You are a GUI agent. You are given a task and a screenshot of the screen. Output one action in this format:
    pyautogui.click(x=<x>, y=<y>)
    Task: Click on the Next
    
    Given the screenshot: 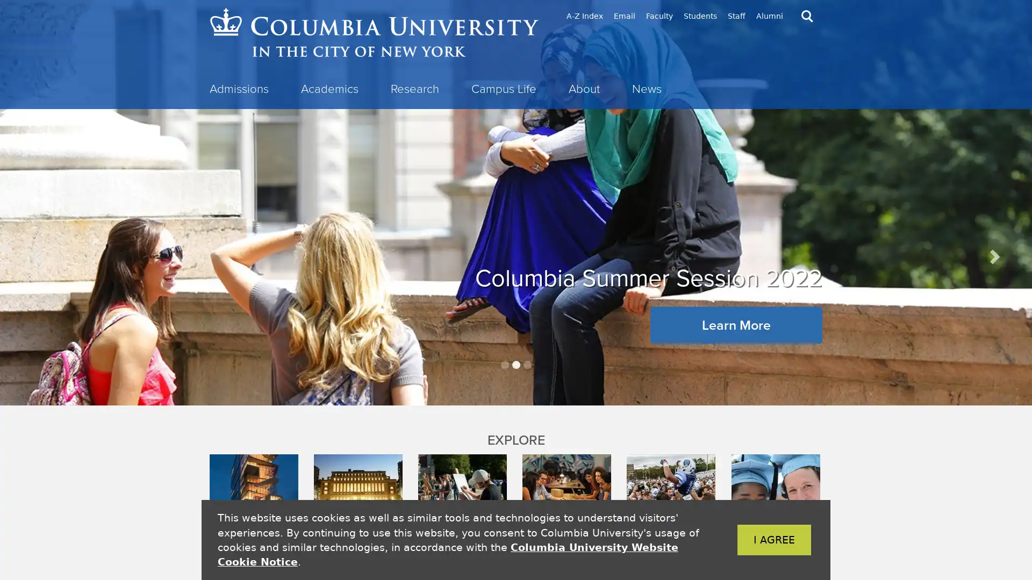 What is the action you would take?
    pyautogui.click(x=993, y=256)
    